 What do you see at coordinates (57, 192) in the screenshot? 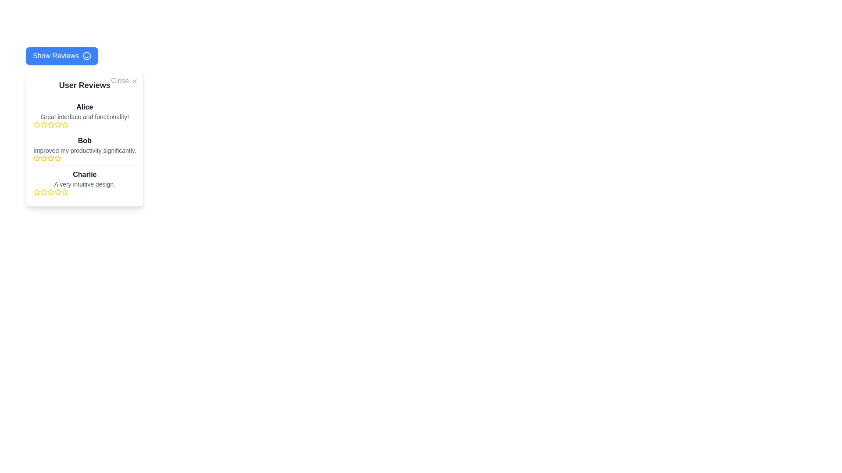
I see `the yellow outlined star icon, which is the last in a row of five stars under the review text for 'Charlie', to rate it` at bounding box center [57, 192].